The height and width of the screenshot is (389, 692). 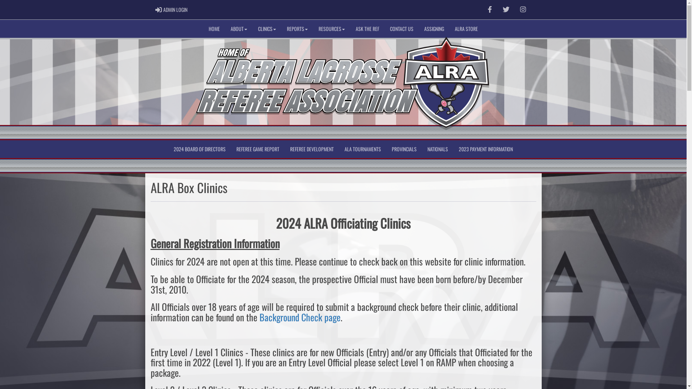 What do you see at coordinates (300, 317) in the screenshot?
I see `'Background Check page'` at bounding box center [300, 317].